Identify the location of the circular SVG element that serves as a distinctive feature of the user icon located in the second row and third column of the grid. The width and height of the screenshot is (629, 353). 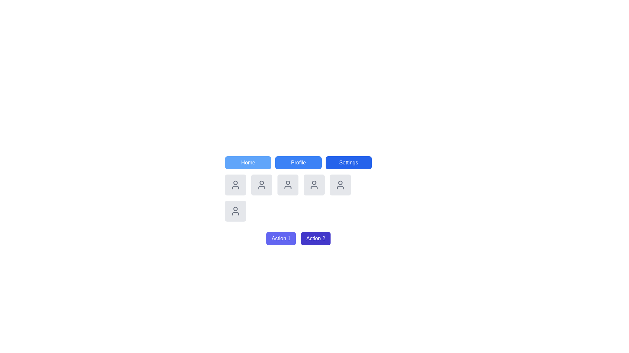
(314, 183).